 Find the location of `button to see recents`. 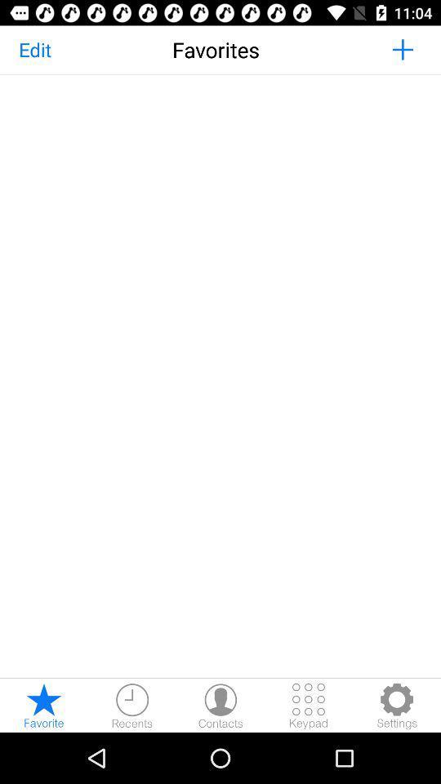

button to see recents is located at coordinates (131, 705).